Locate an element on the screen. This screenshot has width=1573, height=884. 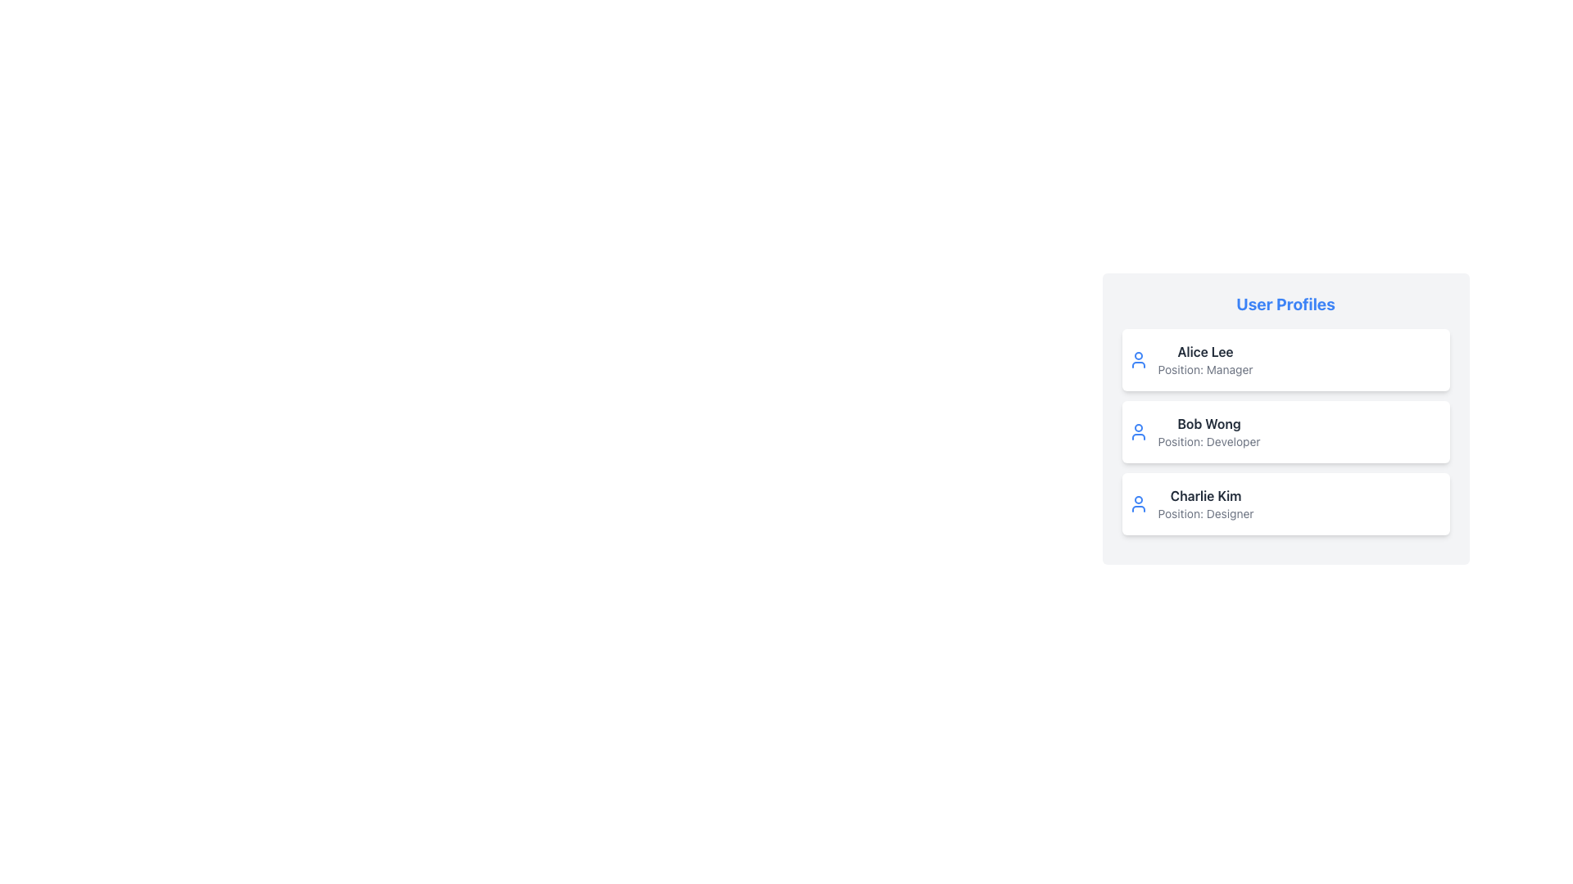
the name label of the user profile indicating 'Charlie Kim', which is positioned above the text 'Position: Designer' in the third listed profile in the 'User Profiles' section is located at coordinates (1206, 494).